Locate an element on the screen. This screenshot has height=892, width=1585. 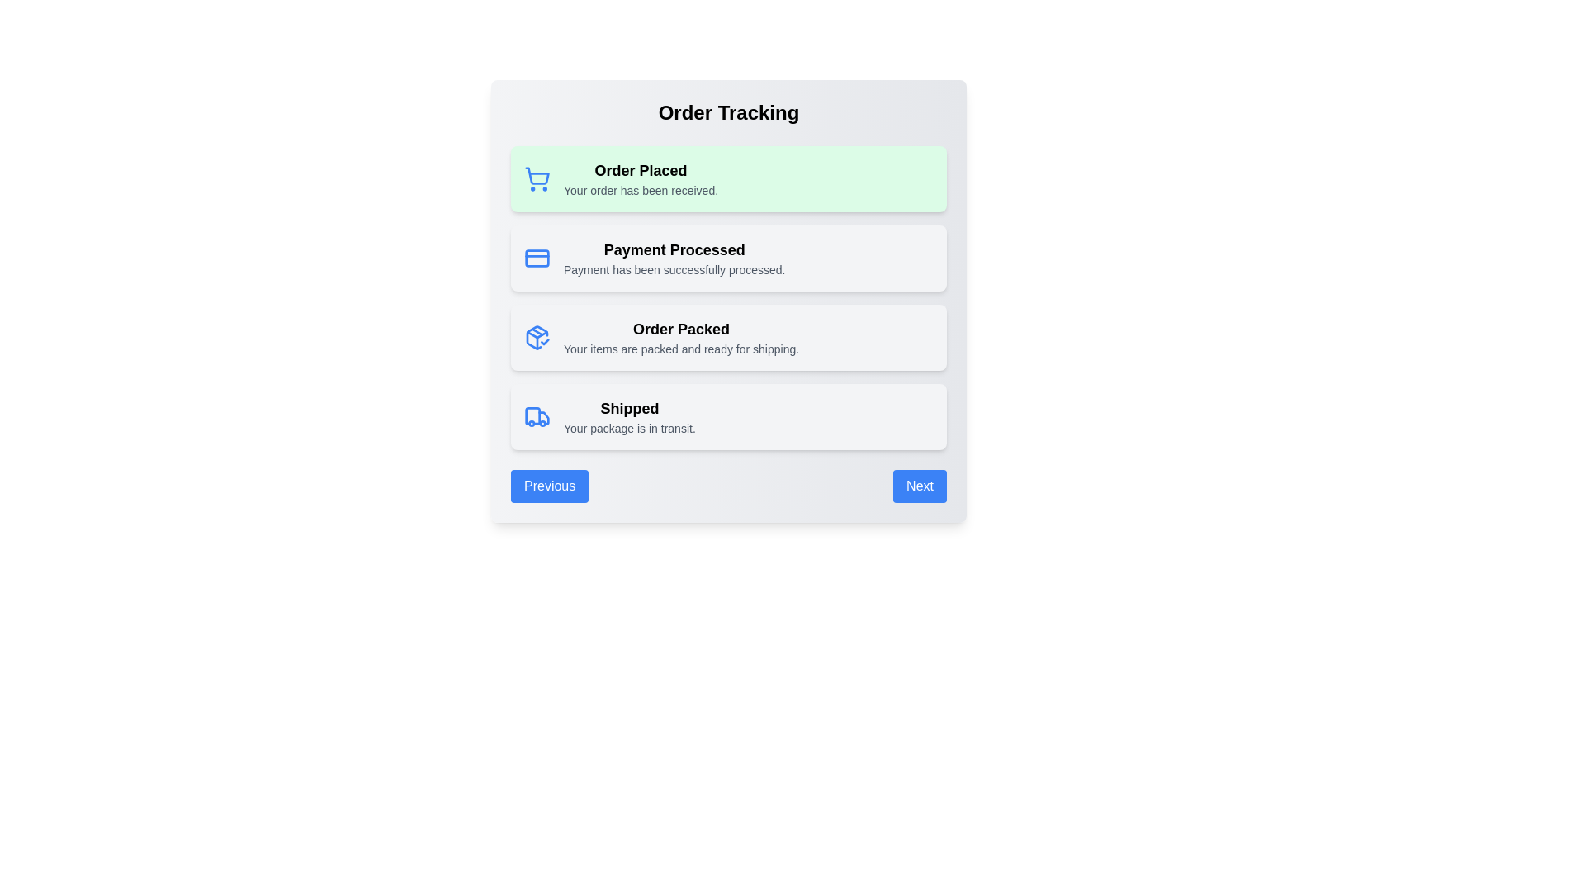
the 'Order Packed' informational card, which is the third card in a vertical sequence within the 'Order Tracking' interface, located between the 'Payment Processed' and 'Shipped' cards is located at coordinates (728, 301).